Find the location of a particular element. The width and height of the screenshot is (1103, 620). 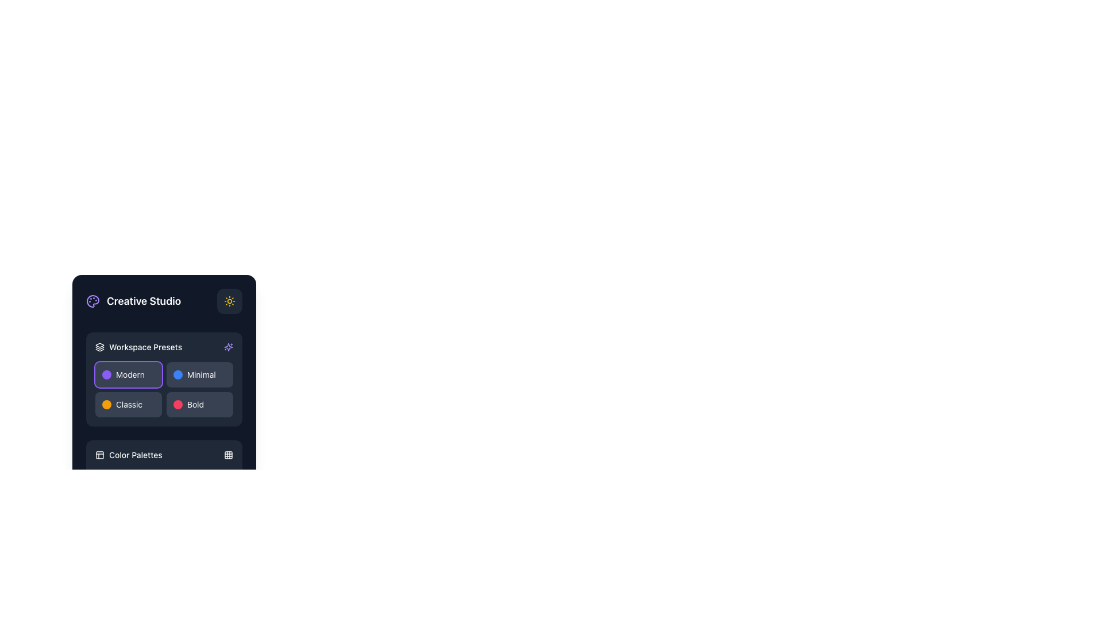

the compact grid icon located to the left of the 'Color Palettes' text in the lower portion of the interface panel is located at coordinates (99, 455).